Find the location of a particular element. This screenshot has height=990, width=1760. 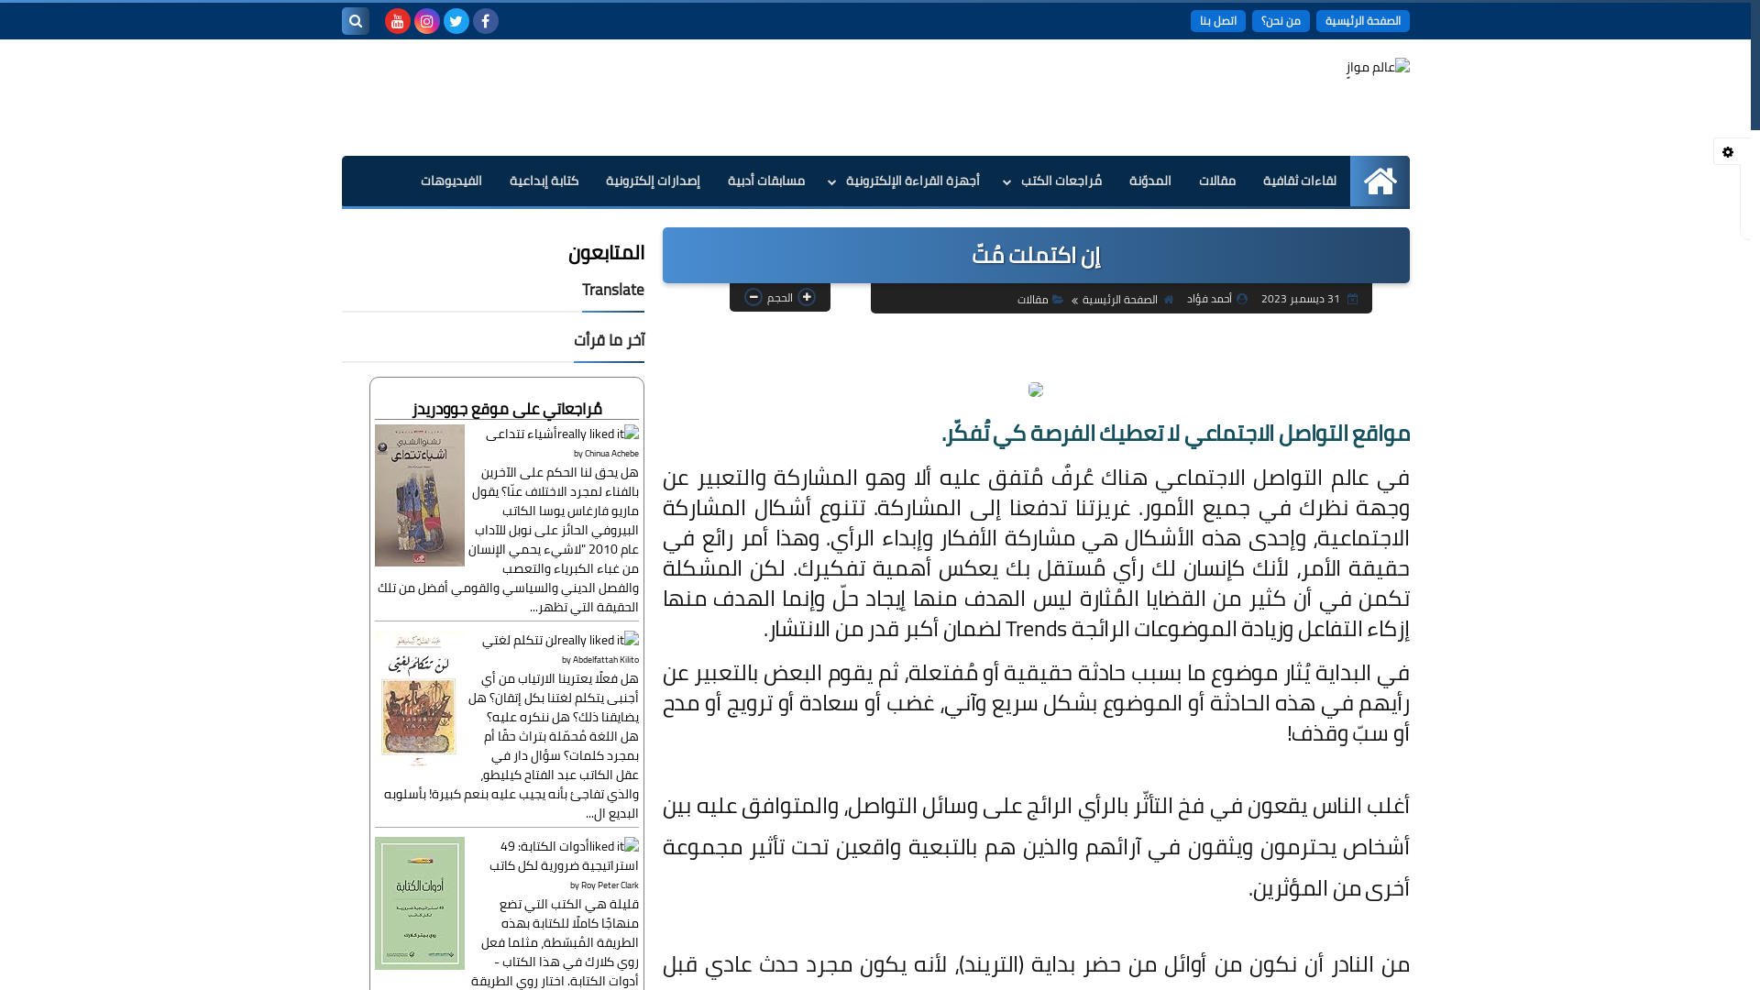

'twitter' is located at coordinates (456, 21).